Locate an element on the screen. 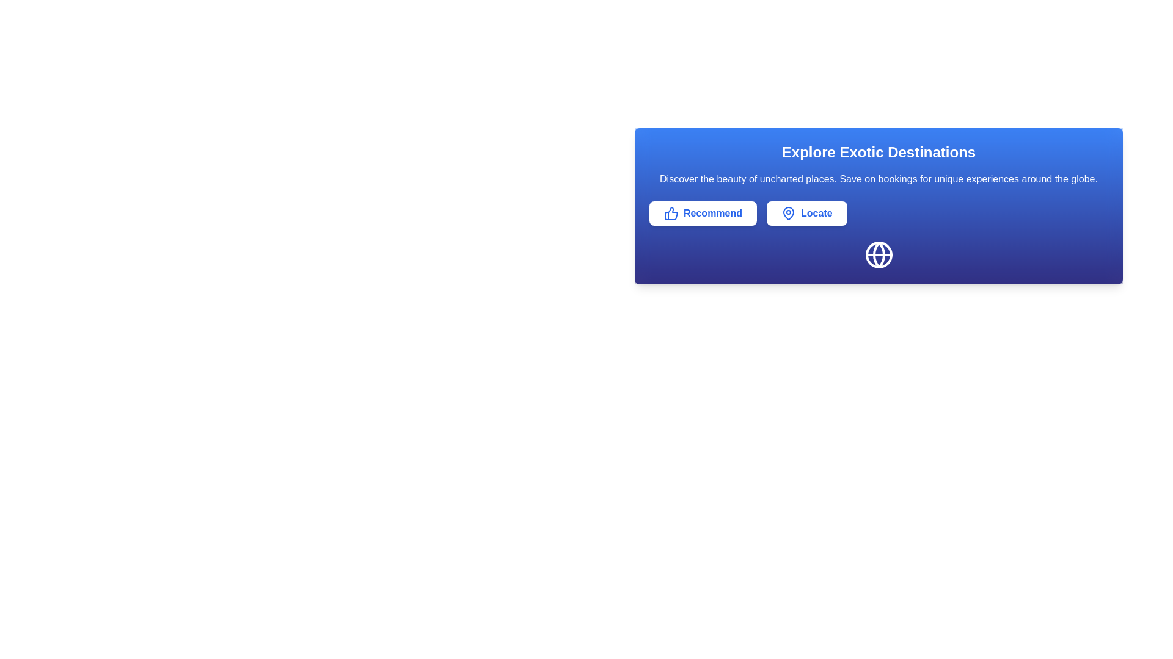 The image size is (1173, 659). the descriptive text block situated below the main heading 'Explore Exotic Destinations' and above the 'Recommend' and 'Locate' buttons is located at coordinates (878, 179).